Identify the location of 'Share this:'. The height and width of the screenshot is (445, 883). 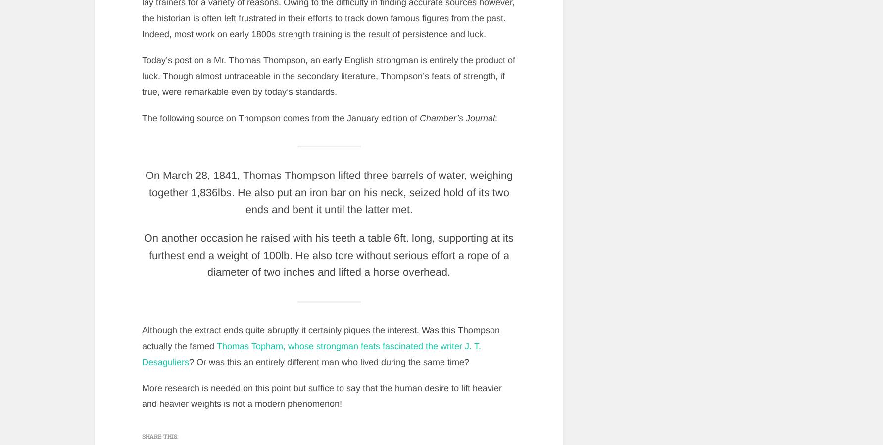
(160, 436).